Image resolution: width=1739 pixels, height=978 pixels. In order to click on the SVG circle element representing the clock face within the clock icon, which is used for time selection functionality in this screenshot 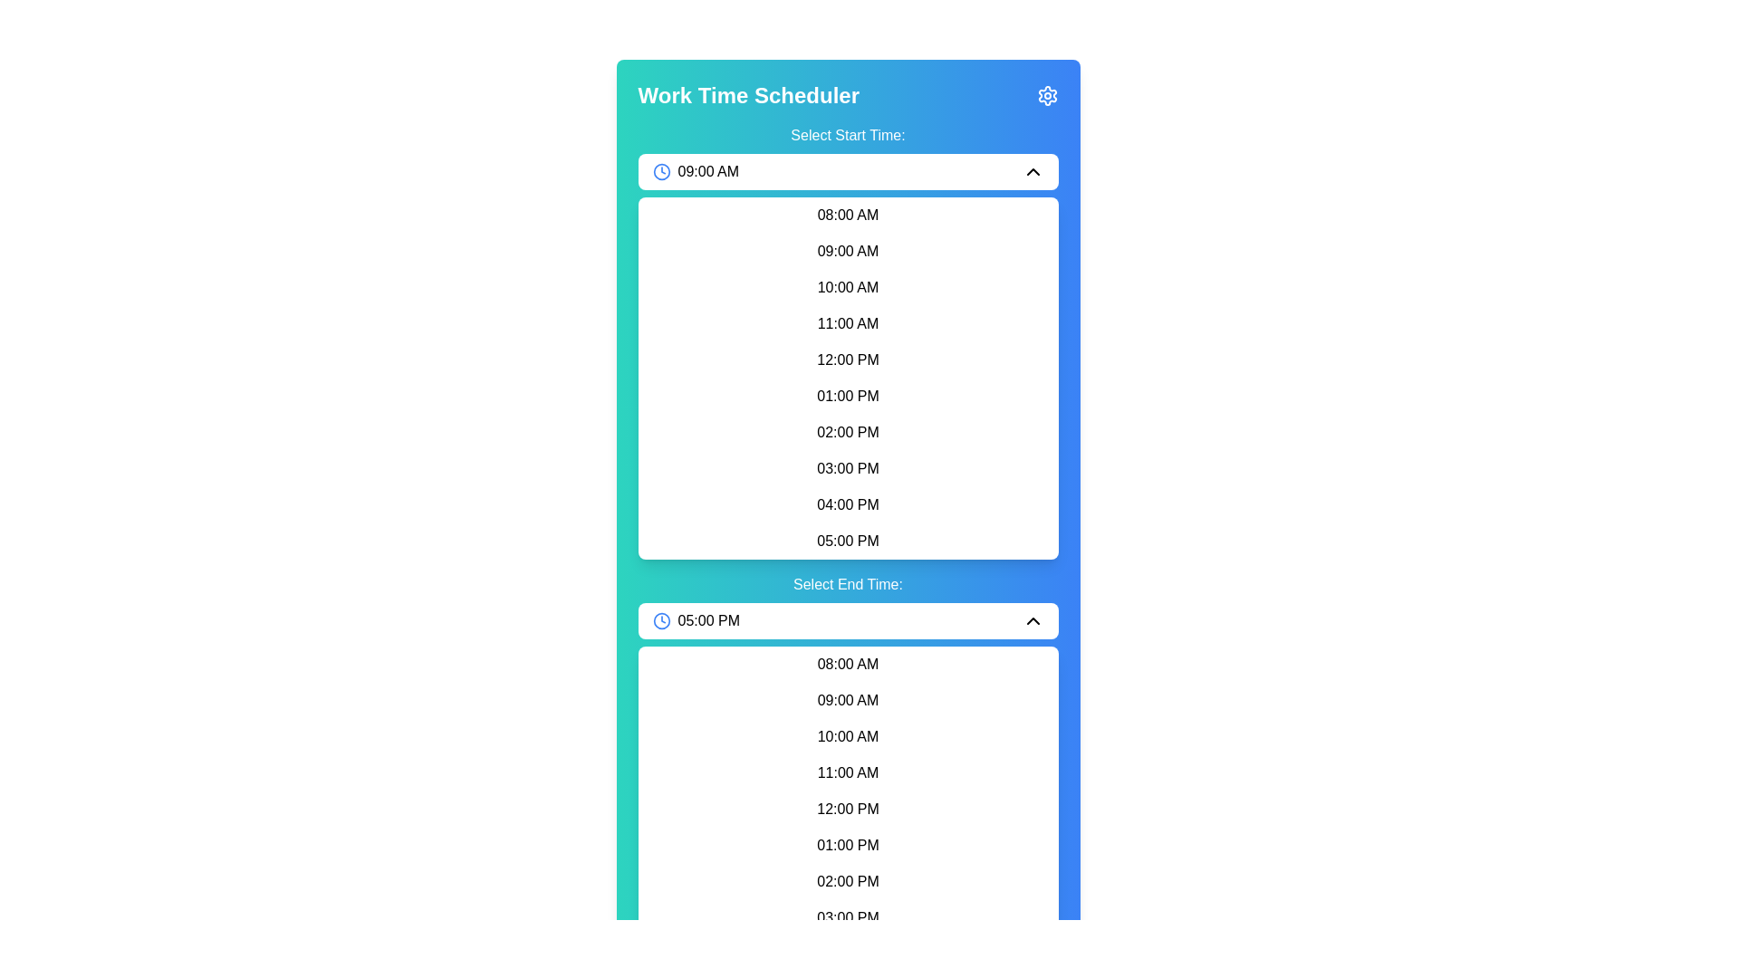, I will do `click(660, 620)`.